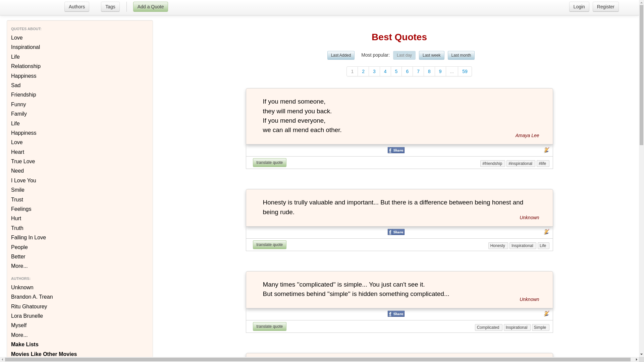 The height and width of the screenshot is (362, 644). Describe the element at coordinates (6, 297) in the screenshot. I see `'Brandon A. Trean'` at that location.